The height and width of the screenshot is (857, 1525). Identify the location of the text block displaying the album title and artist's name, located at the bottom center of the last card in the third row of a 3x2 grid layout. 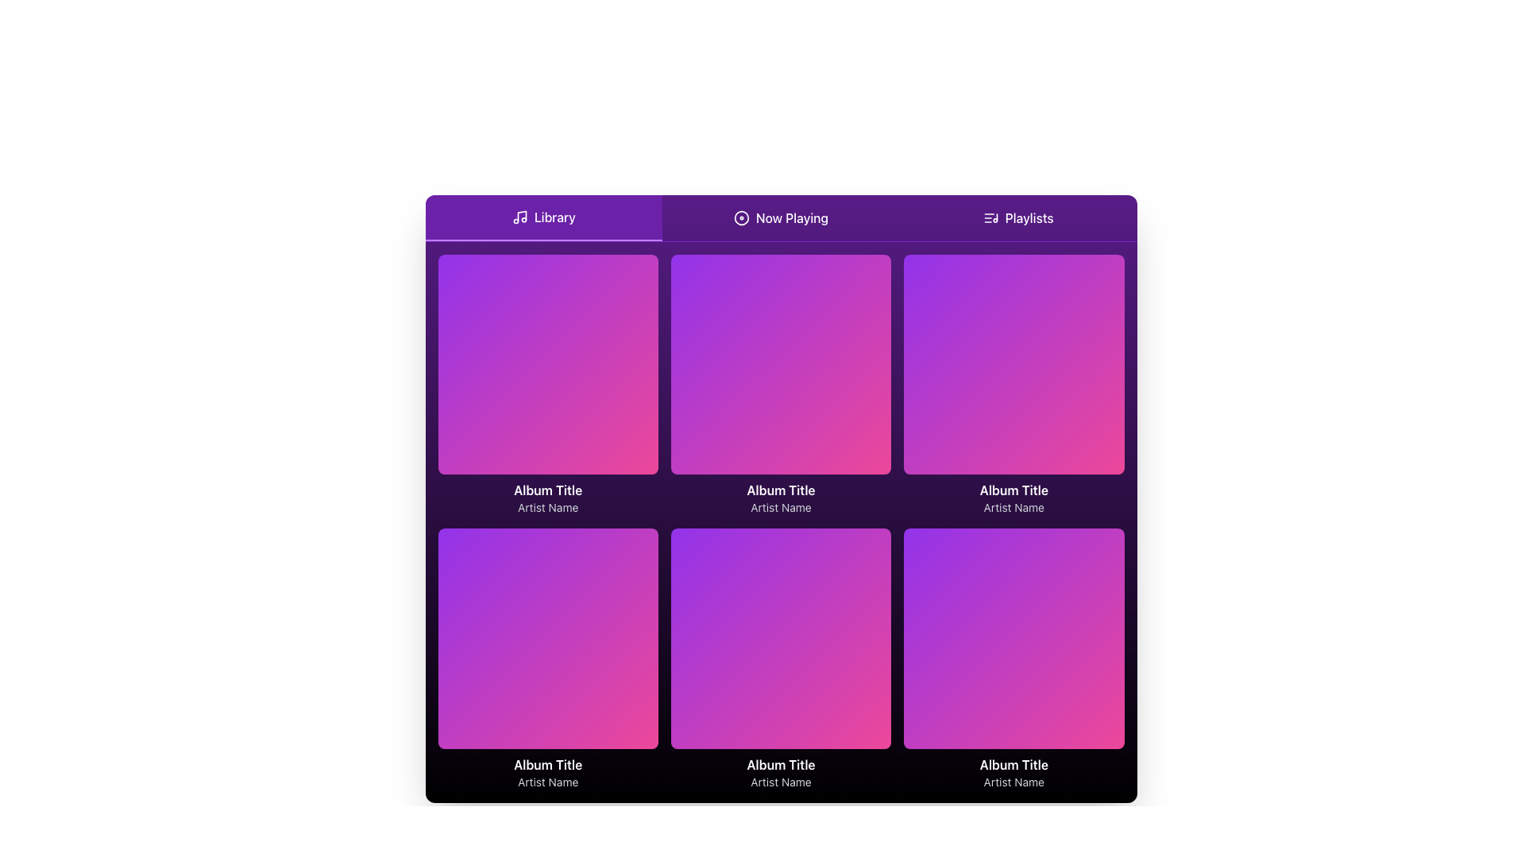
(1013, 771).